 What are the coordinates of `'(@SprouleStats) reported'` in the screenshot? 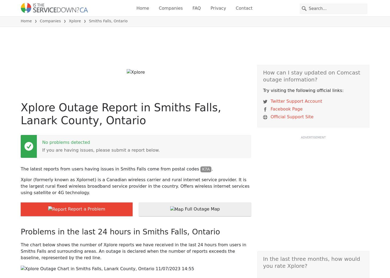 It's located at (107, 219).